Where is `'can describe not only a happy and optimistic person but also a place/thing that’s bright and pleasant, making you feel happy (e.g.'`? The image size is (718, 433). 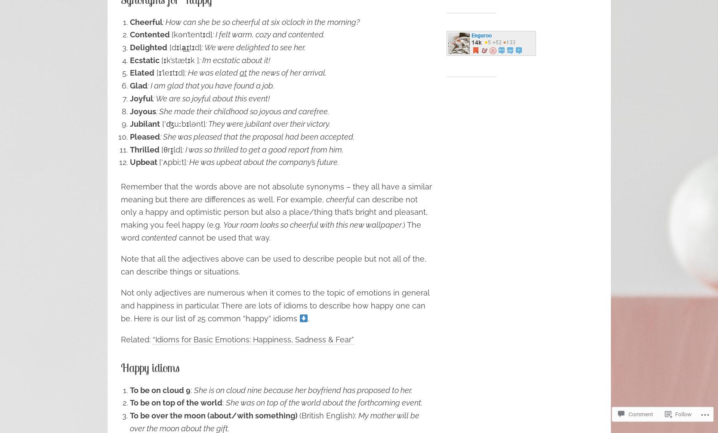 'can describe not only a happy and optimistic person but also a place/thing that’s bright and pleasant, making you feel happy (e.g.' is located at coordinates (120, 212).